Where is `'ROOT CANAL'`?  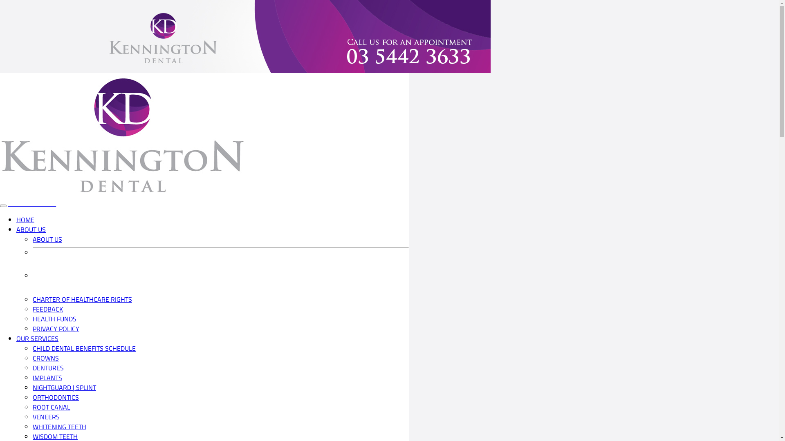 'ROOT CANAL' is located at coordinates (51, 407).